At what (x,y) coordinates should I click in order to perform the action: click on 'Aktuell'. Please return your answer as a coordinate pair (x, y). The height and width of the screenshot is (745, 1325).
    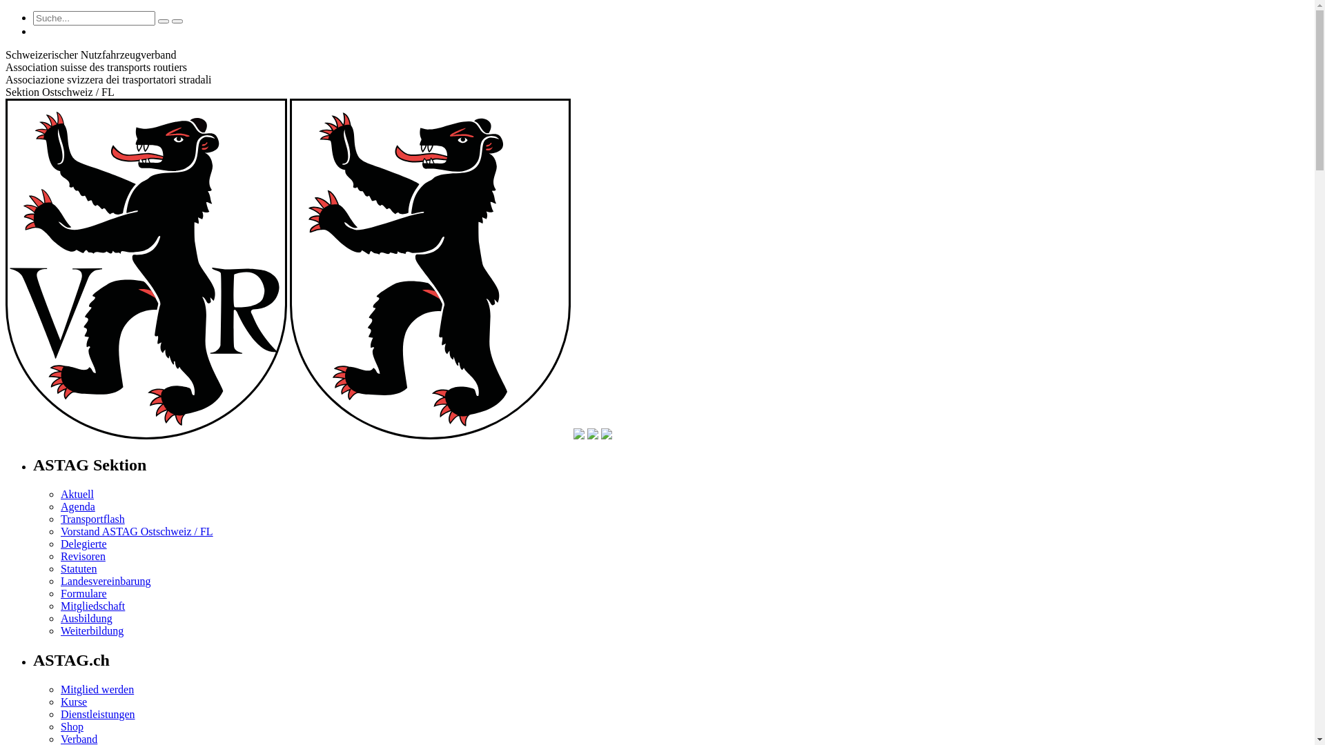
    Looking at the image, I should click on (76, 493).